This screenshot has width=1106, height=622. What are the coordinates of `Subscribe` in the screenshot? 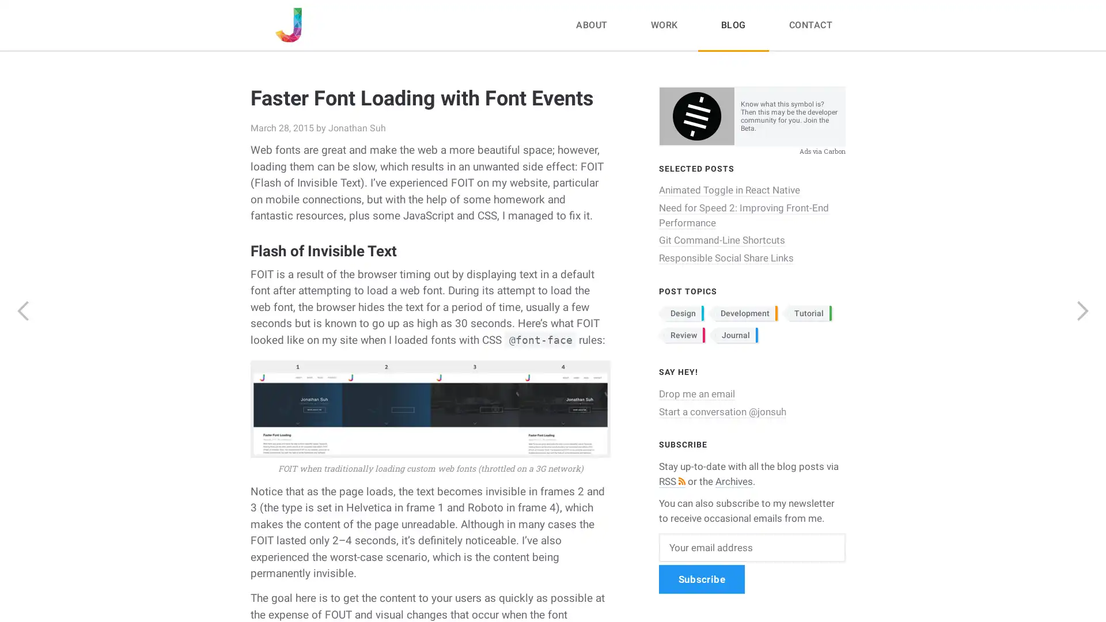 It's located at (701, 579).